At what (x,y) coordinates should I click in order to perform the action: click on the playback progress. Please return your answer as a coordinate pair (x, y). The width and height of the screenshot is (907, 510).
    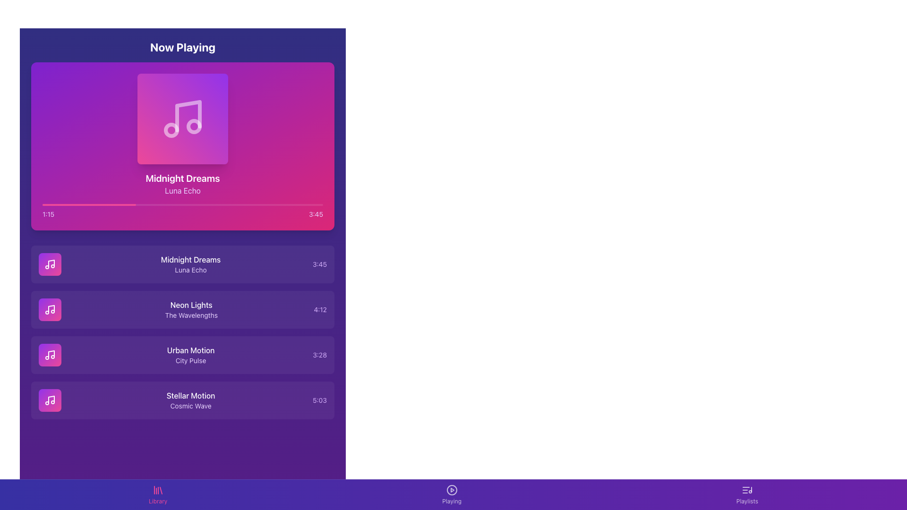
    Looking at the image, I should click on (299, 204).